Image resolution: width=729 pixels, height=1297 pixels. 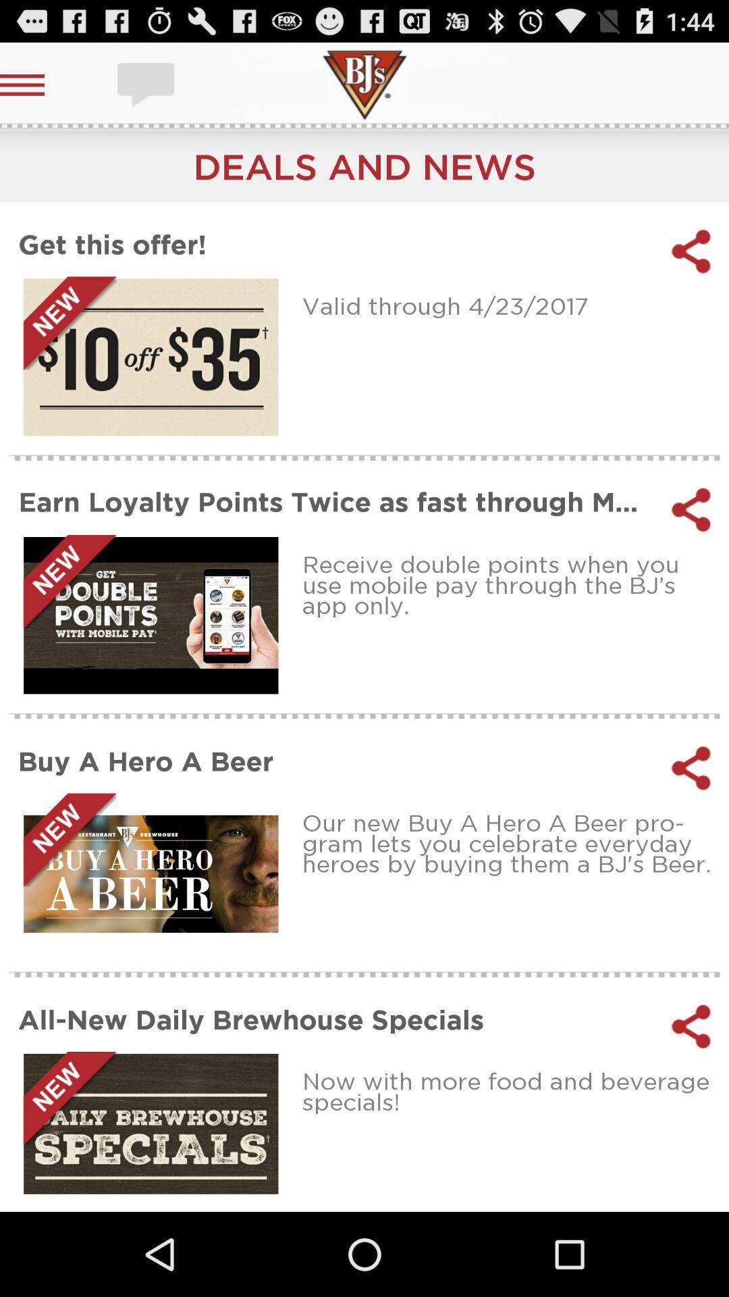 I want to click on icon at the bottom, so click(x=335, y=1019).